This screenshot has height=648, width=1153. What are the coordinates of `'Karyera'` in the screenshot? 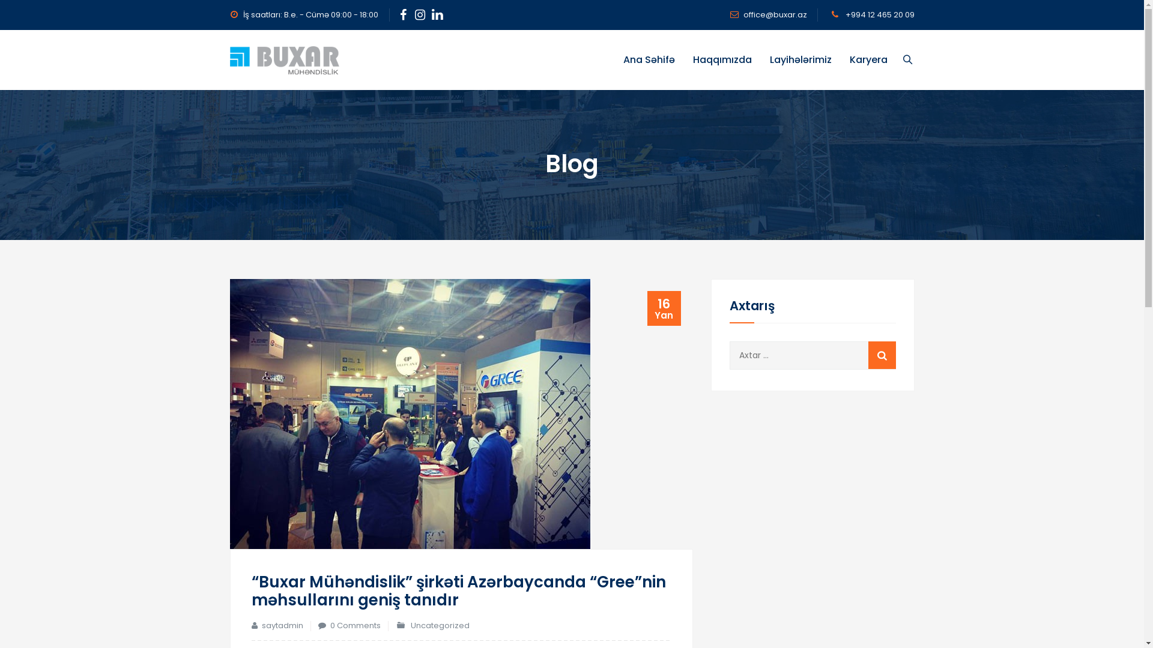 It's located at (868, 60).